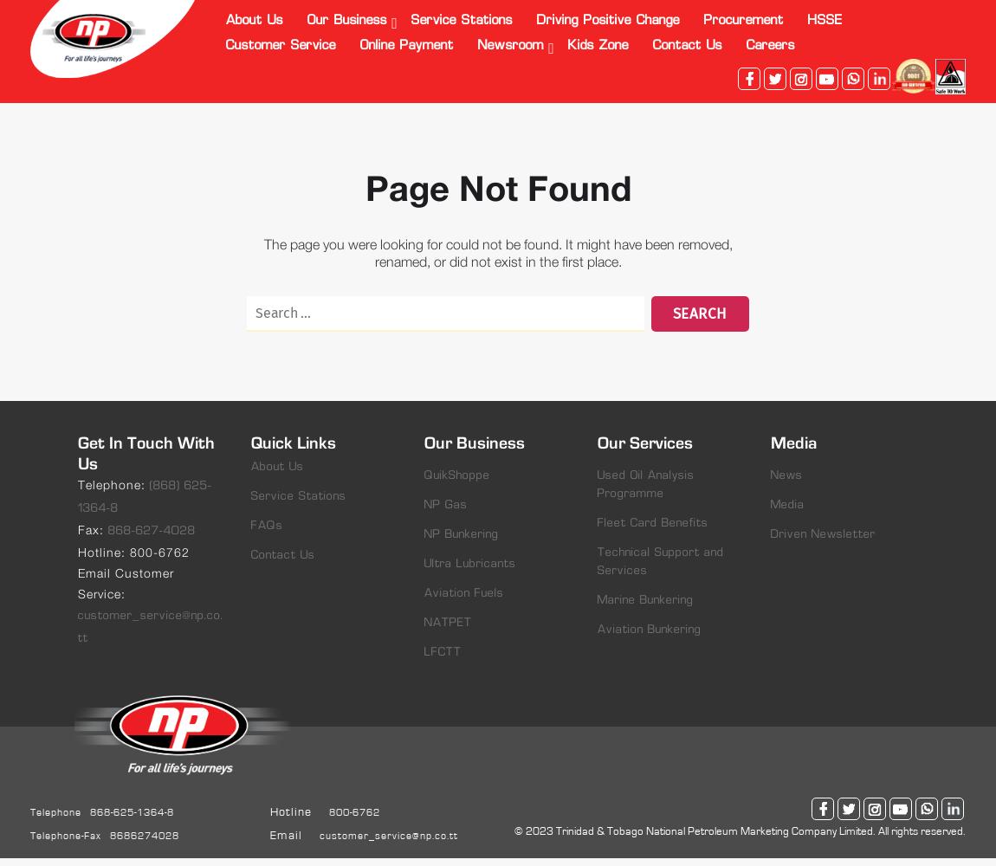 The height and width of the screenshot is (866, 996). Describe the element at coordinates (92, 528) in the screenshot. I see `'Fax:'` at that location.